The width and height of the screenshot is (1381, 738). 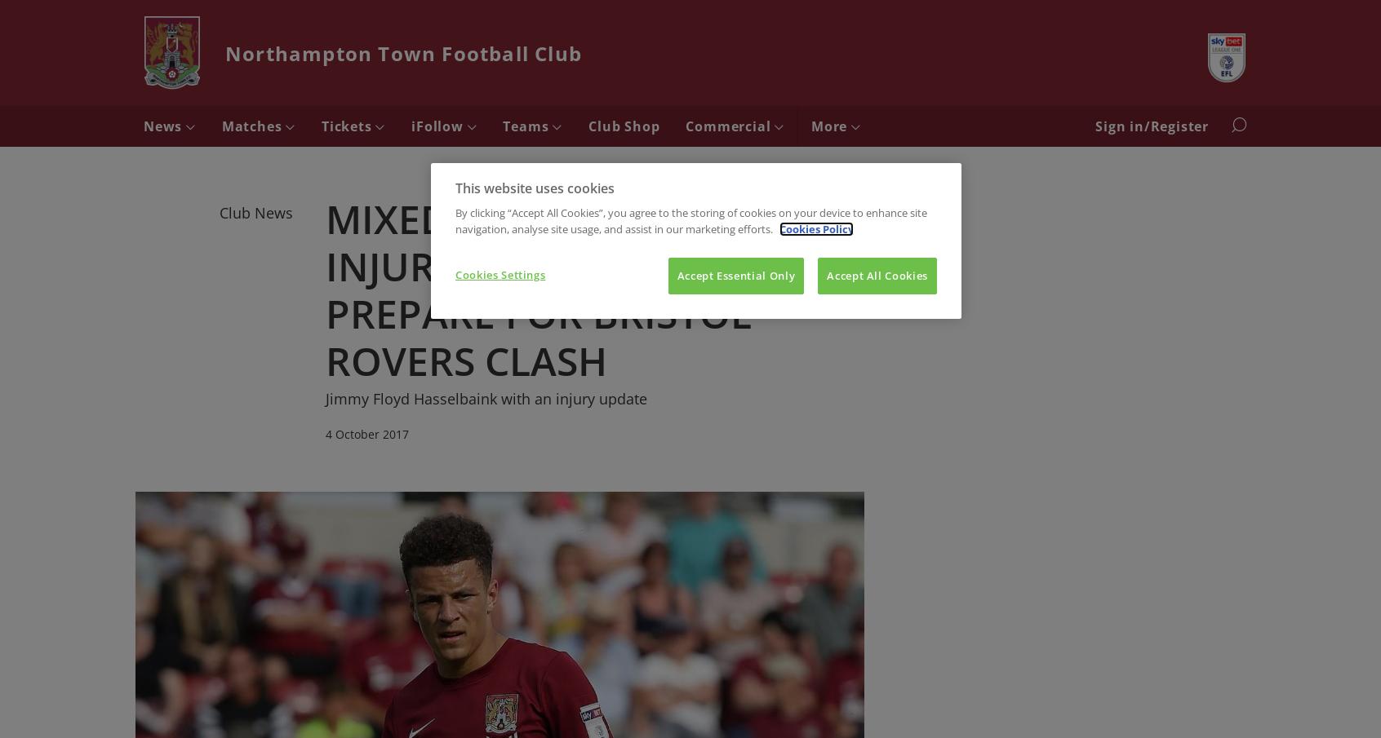 What do you see at coordinates (729, 126) in the screenshot?
I see `'Commercial'` at bounding box center [729, 126].